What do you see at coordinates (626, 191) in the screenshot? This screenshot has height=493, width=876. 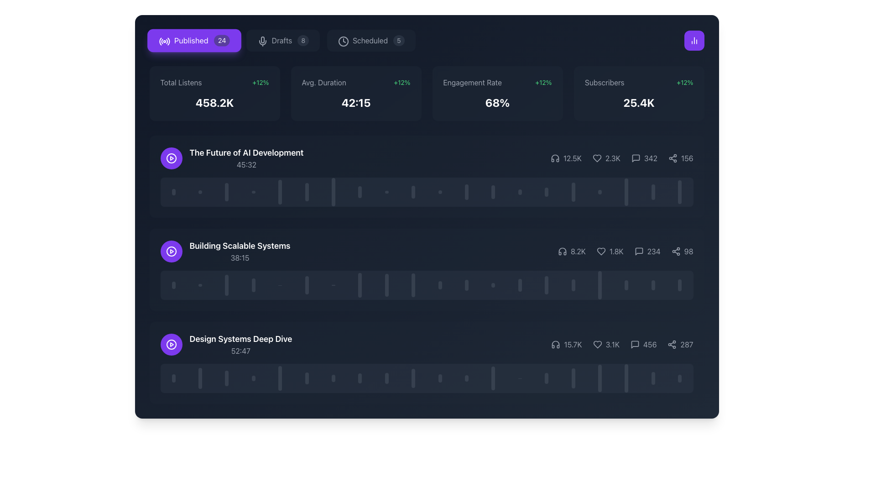 I see `the 18th progress indicator bar located under the second content title, which serves as a visual indicator for value or status` at bounding box center [626, 191].